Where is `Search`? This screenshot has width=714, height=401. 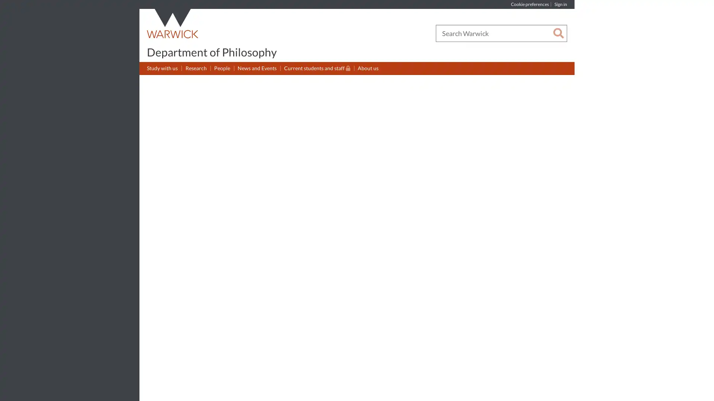
Search is located at coordinates (558, 34).